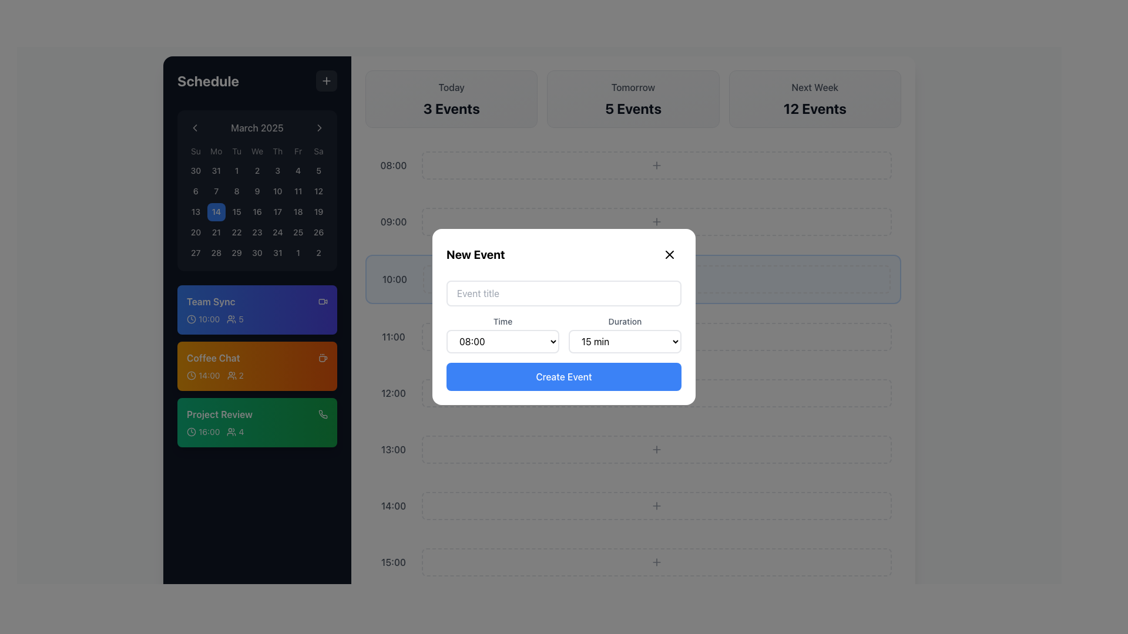 The width and height of the screenshot is (1128, 634). I want to click on the Time label displaying '08:00', which is positioned at the top-left area of a schedule grid in bold gray font, so click(394, 165).